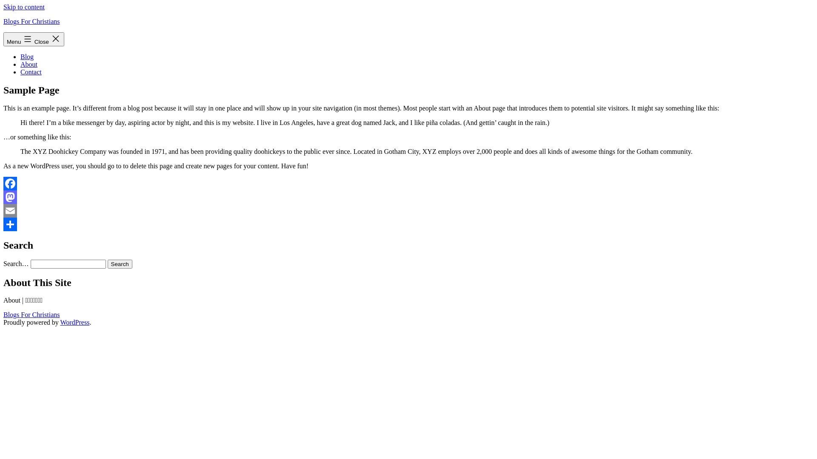 This screenshot has width=817, height=459. I want to click on 'Contact', so click(31, 71).